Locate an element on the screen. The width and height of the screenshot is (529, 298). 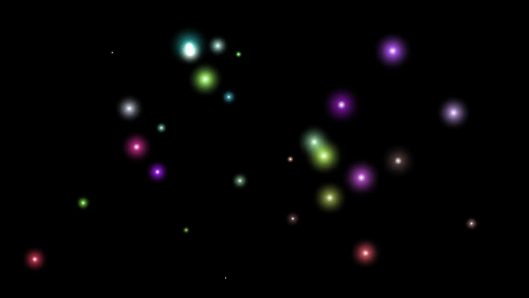
ChillOuts.com is located at coordinates (17, 5).